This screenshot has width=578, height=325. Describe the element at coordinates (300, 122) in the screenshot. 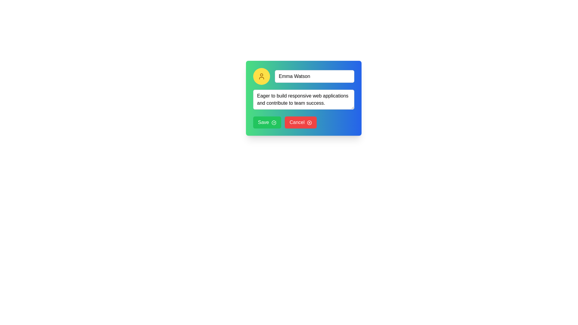

I see `the cancel button located to the right of the green 'Save' button at the bottom of the central card interface` at that location.